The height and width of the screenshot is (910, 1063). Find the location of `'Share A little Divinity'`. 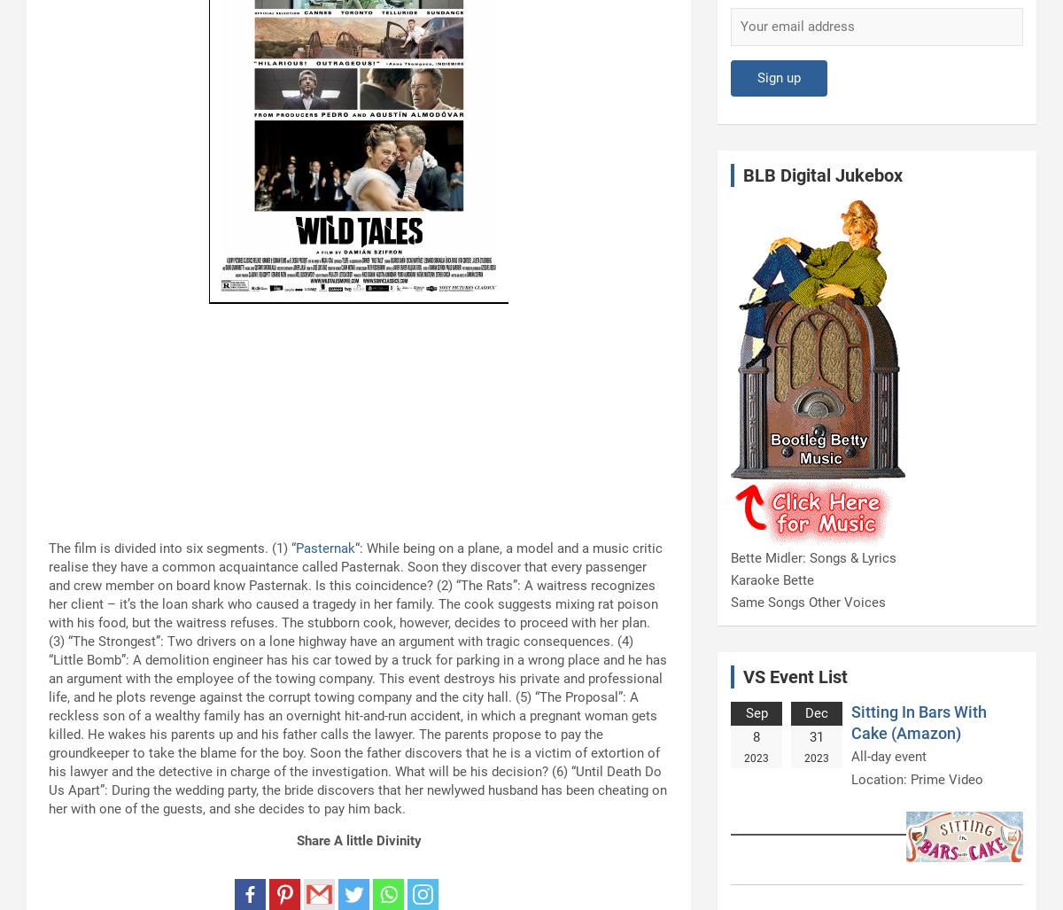

'Share A little Divinity' is located at coordinates (295, 841).